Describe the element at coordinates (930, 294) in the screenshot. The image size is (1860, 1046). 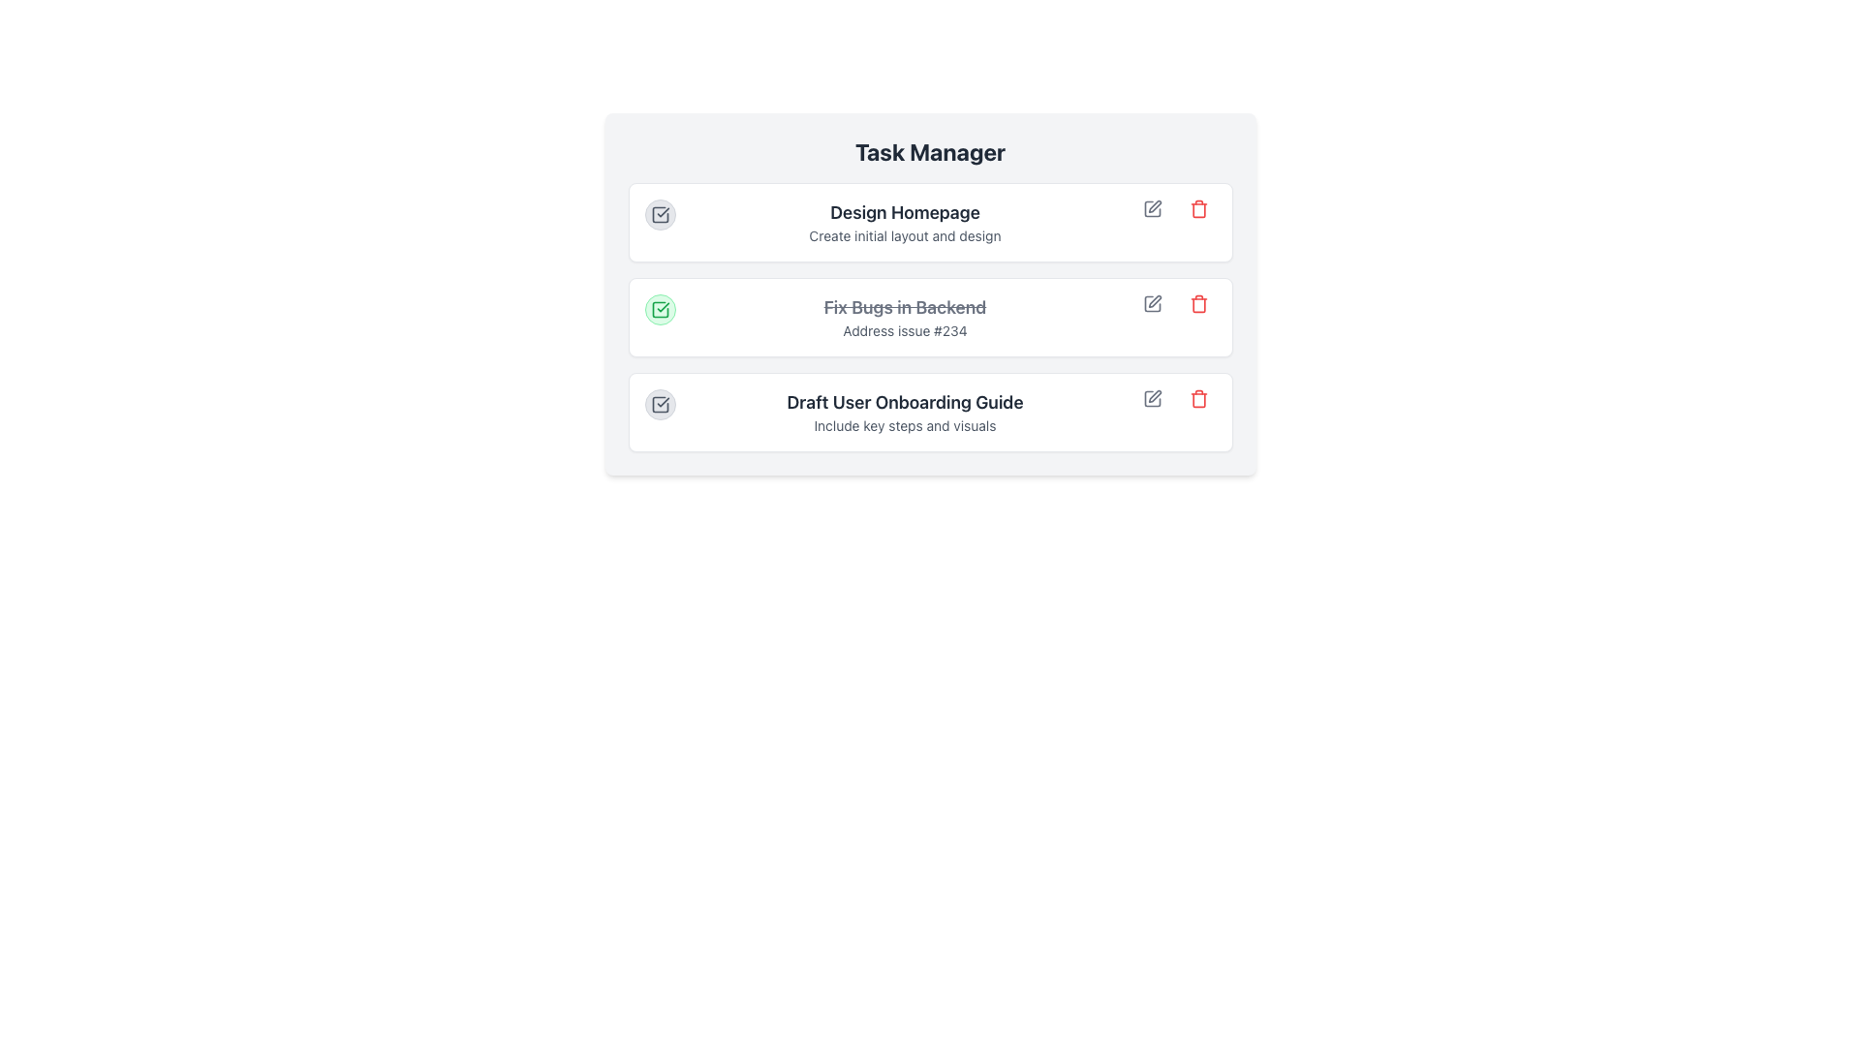
I see `the checkmark icon` at that location.